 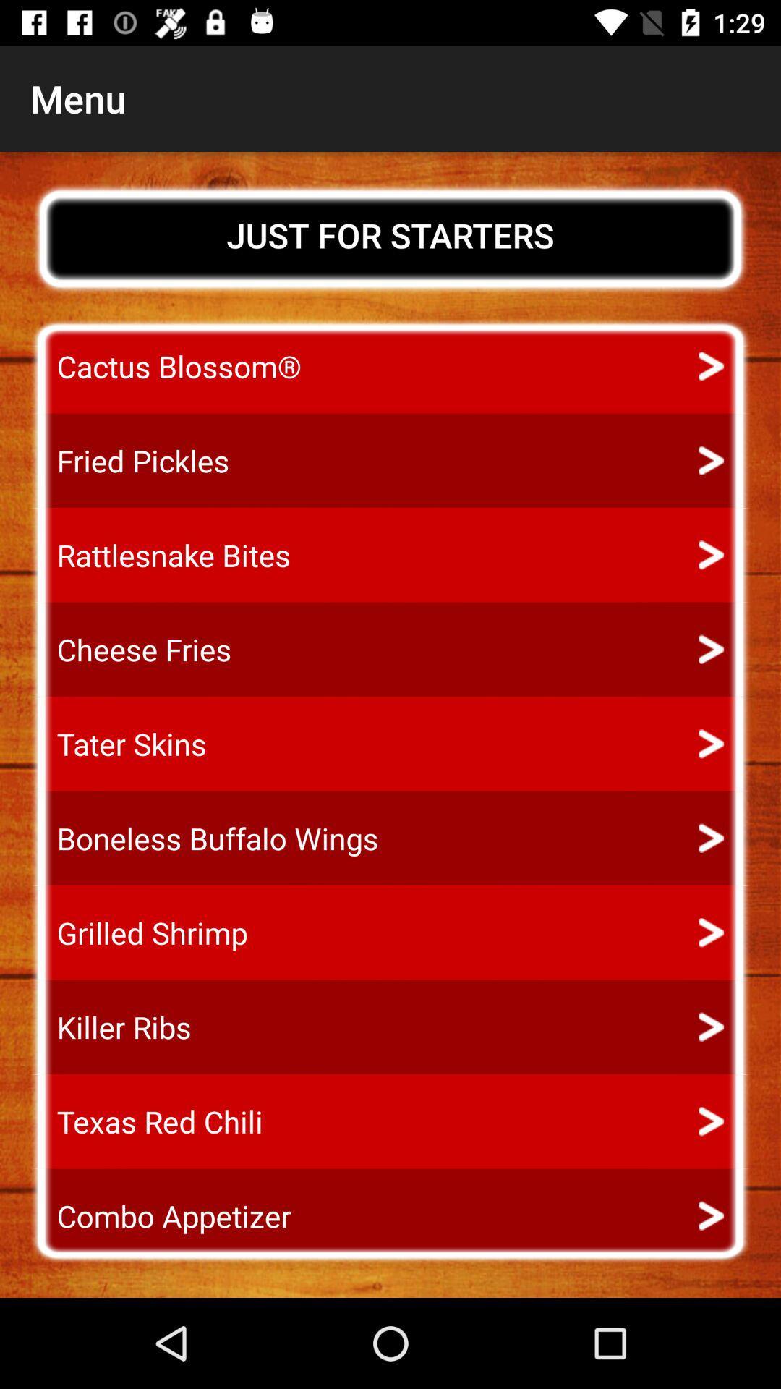 I want to click on item above the texas red chili item, so click(x=110, y=1027).